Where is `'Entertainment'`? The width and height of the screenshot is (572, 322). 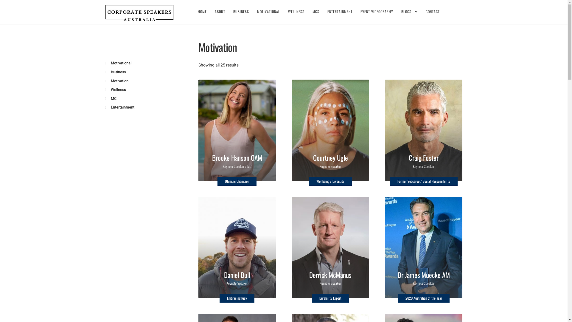
'Entertainment' is located at coordinates (111, 107).